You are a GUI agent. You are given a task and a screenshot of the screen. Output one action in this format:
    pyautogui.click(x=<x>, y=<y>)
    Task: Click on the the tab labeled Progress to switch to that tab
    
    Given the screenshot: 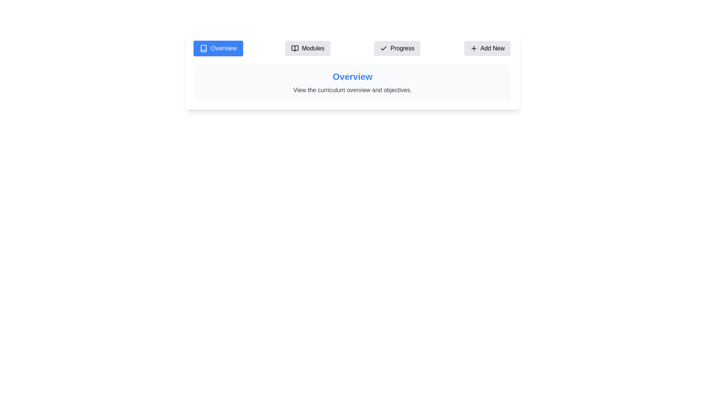 What is the action you would take?
    pyautogui.click(x=397, y=49)
    